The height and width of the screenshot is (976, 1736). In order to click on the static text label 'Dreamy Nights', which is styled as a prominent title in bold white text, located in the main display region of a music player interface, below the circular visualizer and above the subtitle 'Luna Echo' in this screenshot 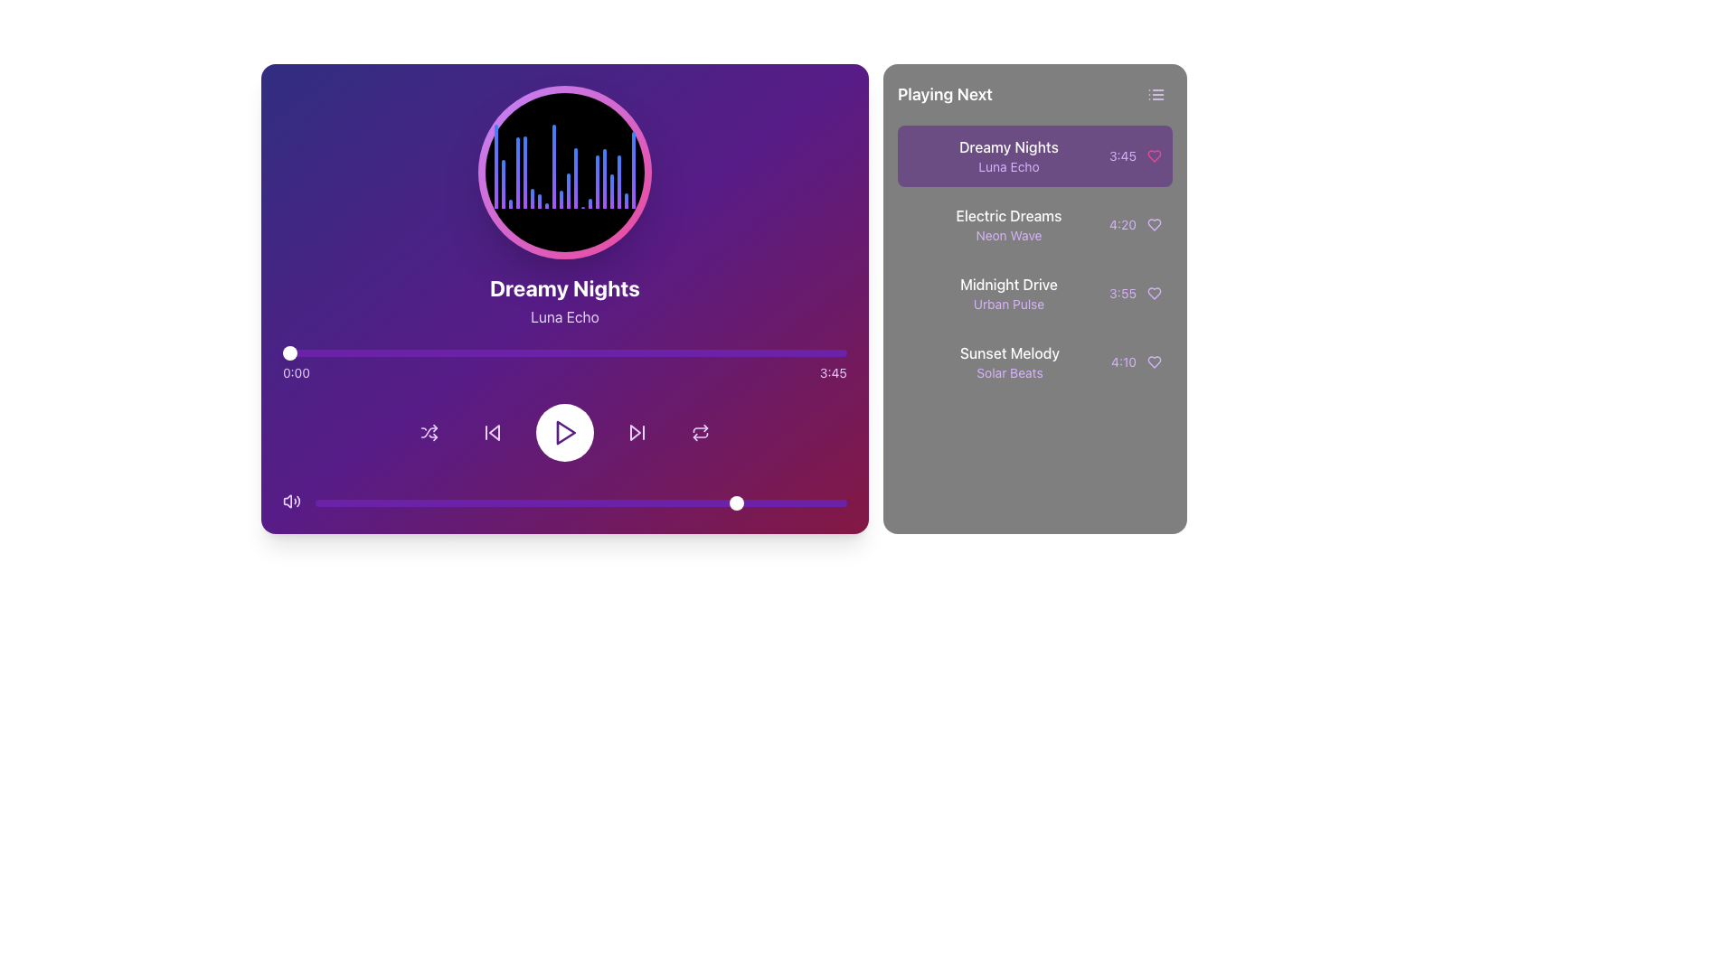, I will do `click(563, 287)`.